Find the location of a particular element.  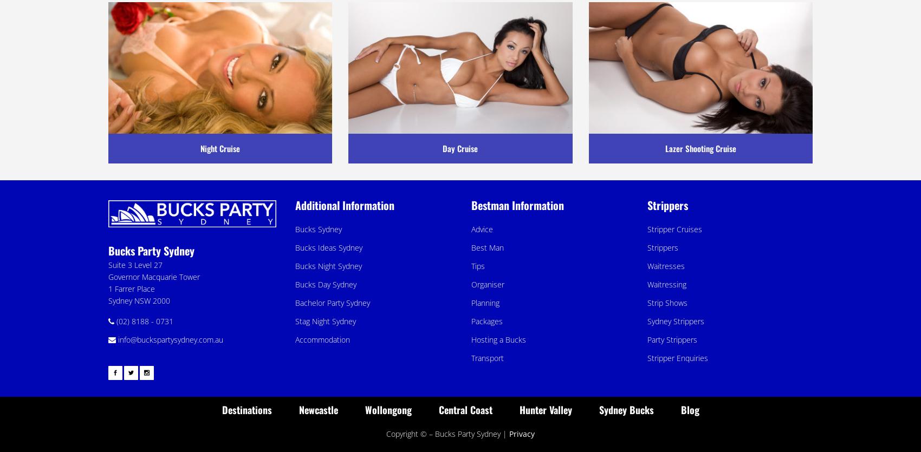

'Waitresses' is located at coordinates (665, 265).